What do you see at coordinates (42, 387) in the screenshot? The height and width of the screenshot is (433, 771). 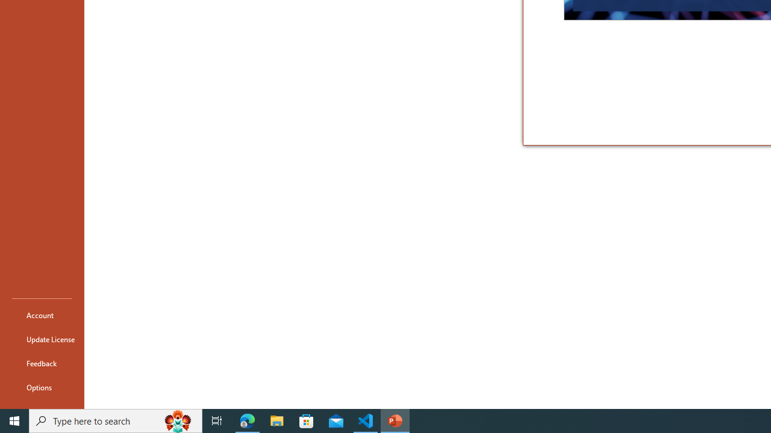 I see `'Options'` at bounding box center [42, 387].